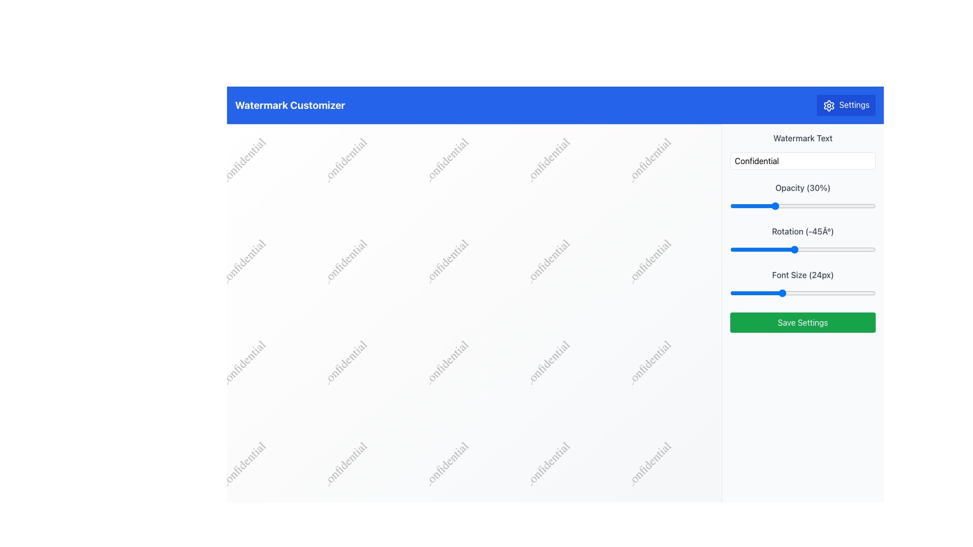  What do you see at coordinates (747, 249) in the screenshot?
I see `rotation` at bounding box center [747, 249].